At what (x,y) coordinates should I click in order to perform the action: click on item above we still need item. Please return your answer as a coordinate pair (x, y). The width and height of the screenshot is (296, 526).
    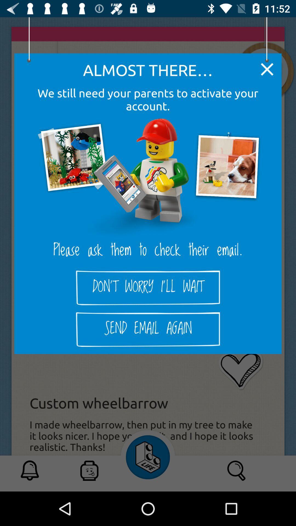
    Looking at the image, I should click on (267, 69).